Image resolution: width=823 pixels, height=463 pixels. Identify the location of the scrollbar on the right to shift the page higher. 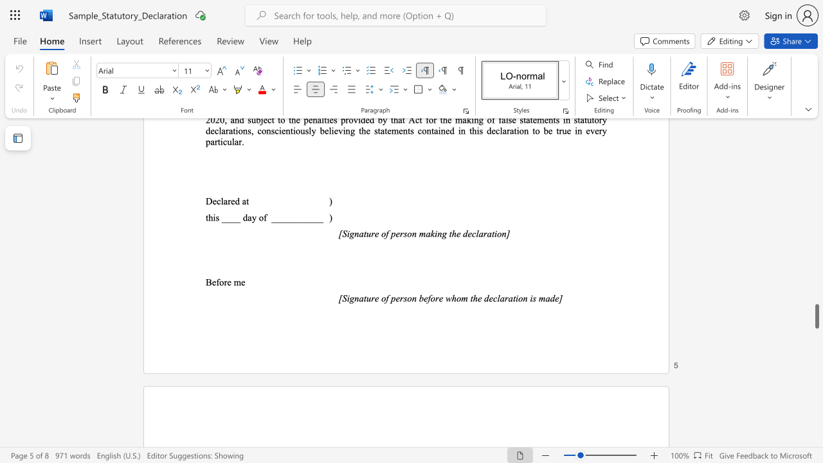
(816, 340).